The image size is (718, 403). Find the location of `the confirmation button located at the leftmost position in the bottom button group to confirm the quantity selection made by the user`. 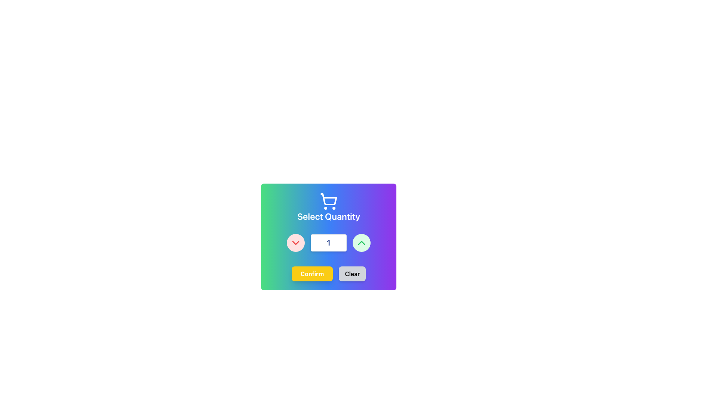

the confirmation button located at the leftmost position in the bottom button group to confirm the quantity selection made by the user is located at coordinates (312, 274).